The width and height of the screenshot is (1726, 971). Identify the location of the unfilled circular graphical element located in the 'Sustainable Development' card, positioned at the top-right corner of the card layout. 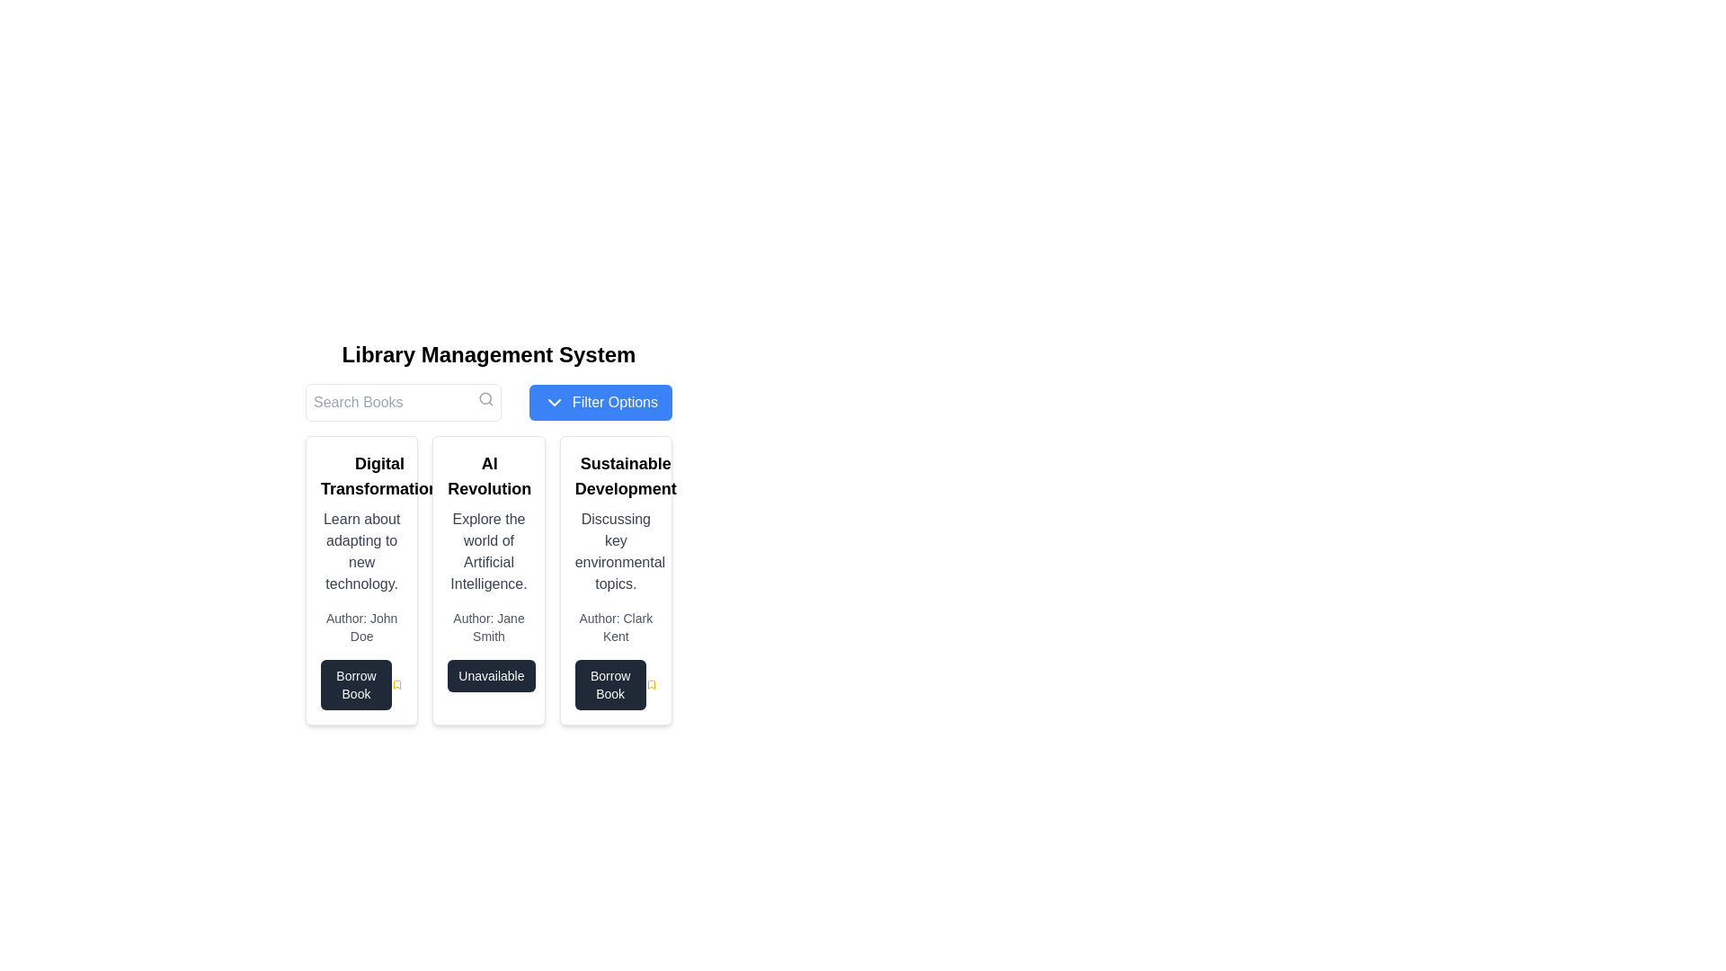
(686, 460).